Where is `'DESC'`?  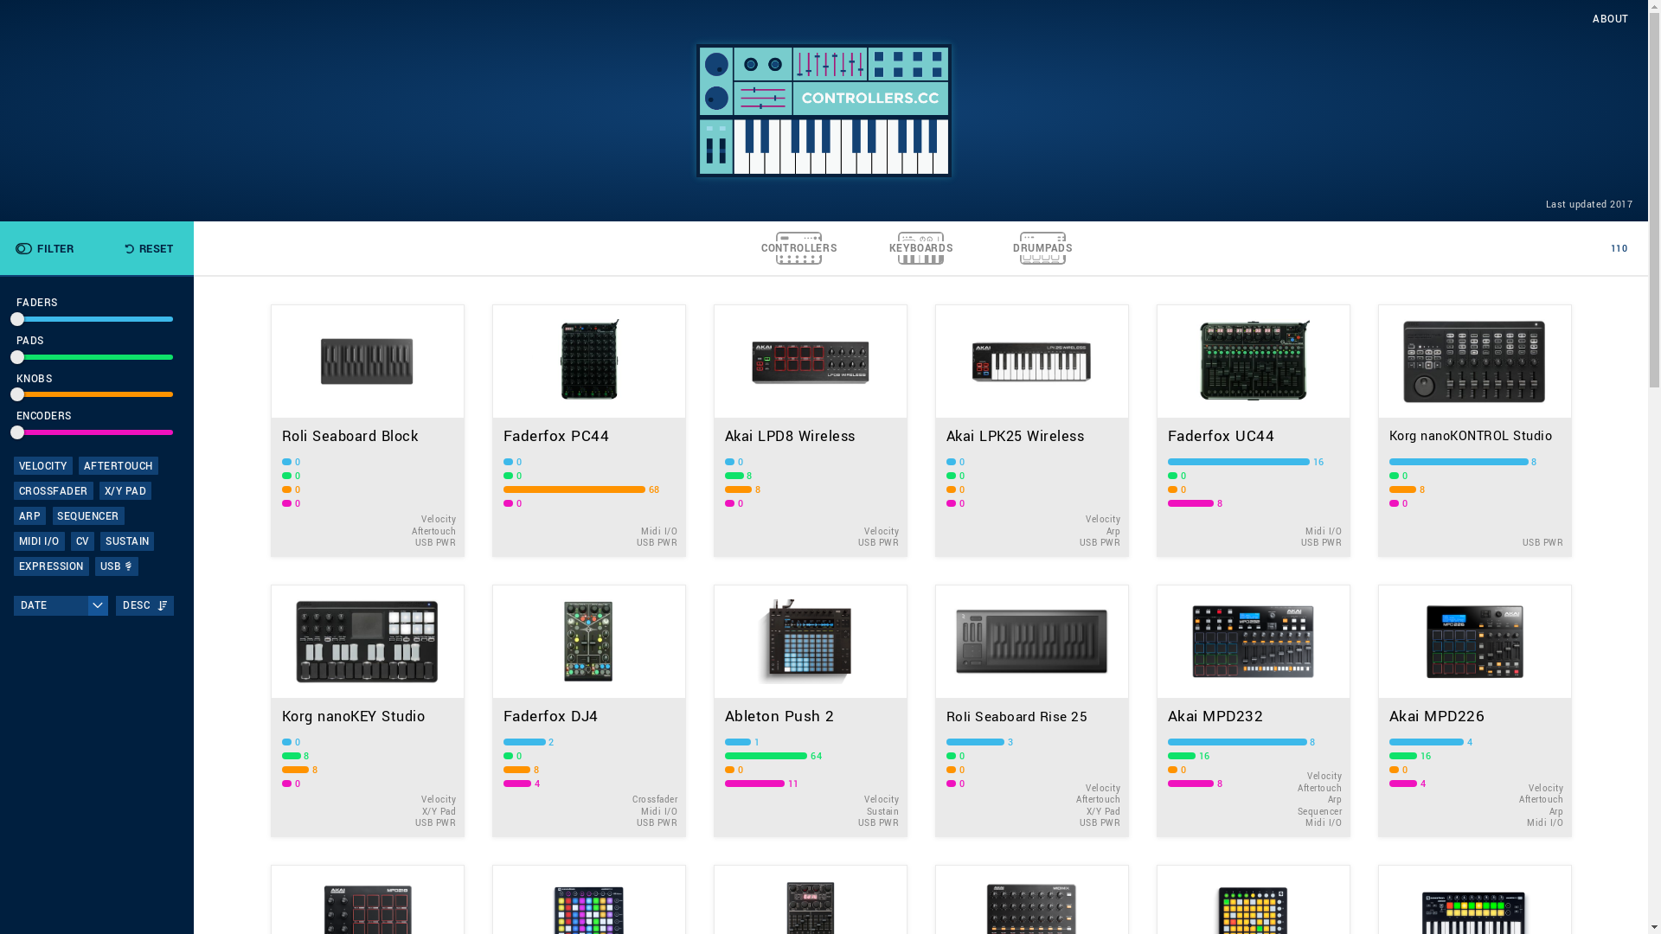 'DESC' is located at coordinates (144, 605).